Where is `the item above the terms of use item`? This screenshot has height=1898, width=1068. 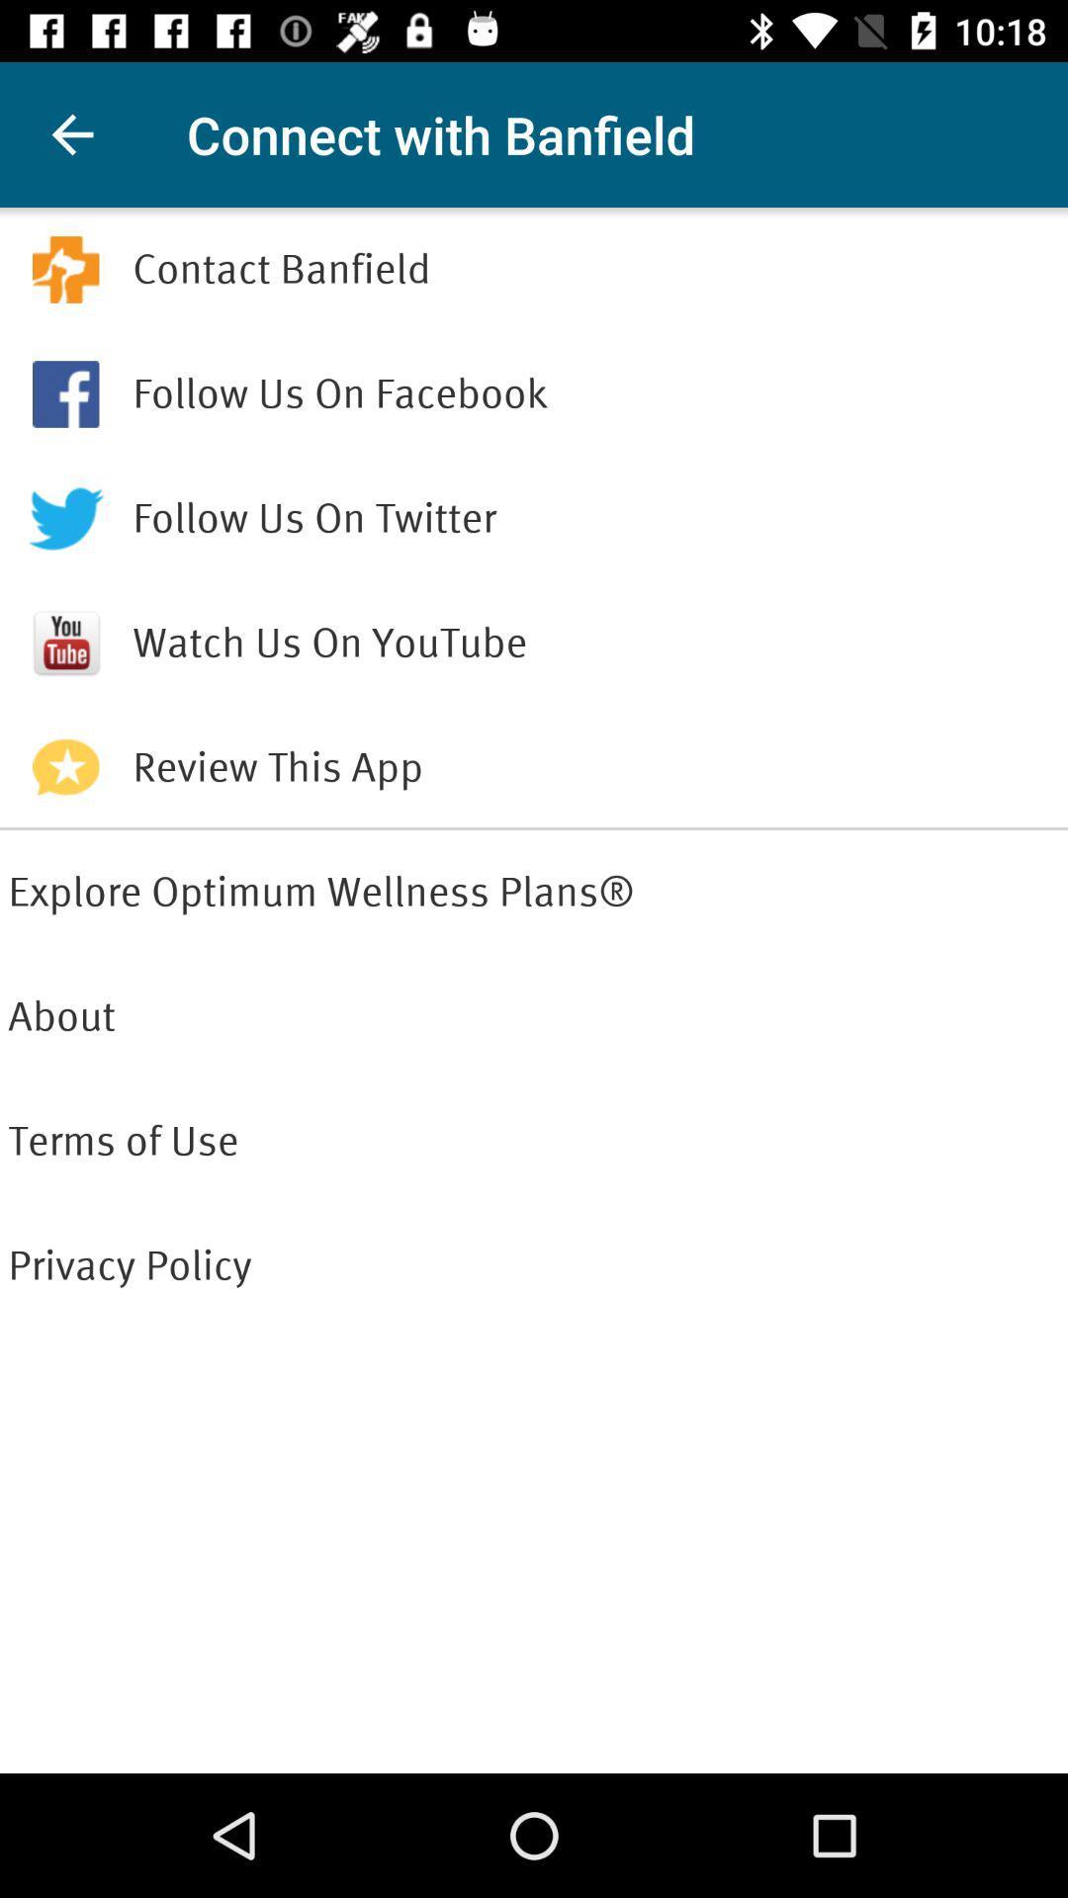 the item above the terms of use item is located at coordinates (534, 1016).